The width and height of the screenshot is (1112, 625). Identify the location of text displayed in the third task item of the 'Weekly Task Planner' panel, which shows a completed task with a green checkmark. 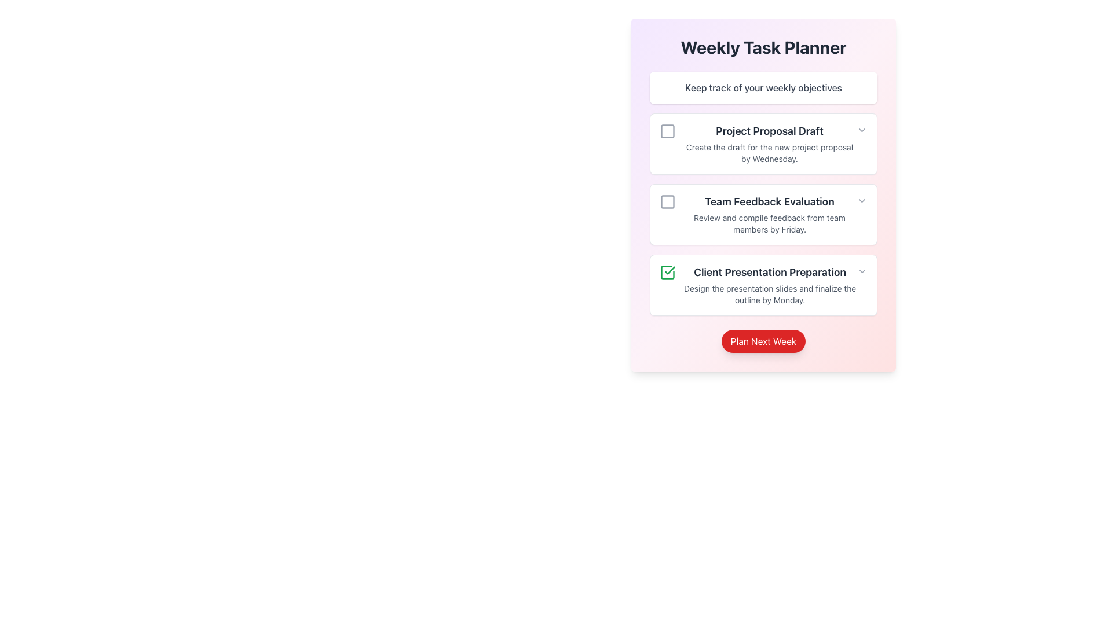
(758, 285).